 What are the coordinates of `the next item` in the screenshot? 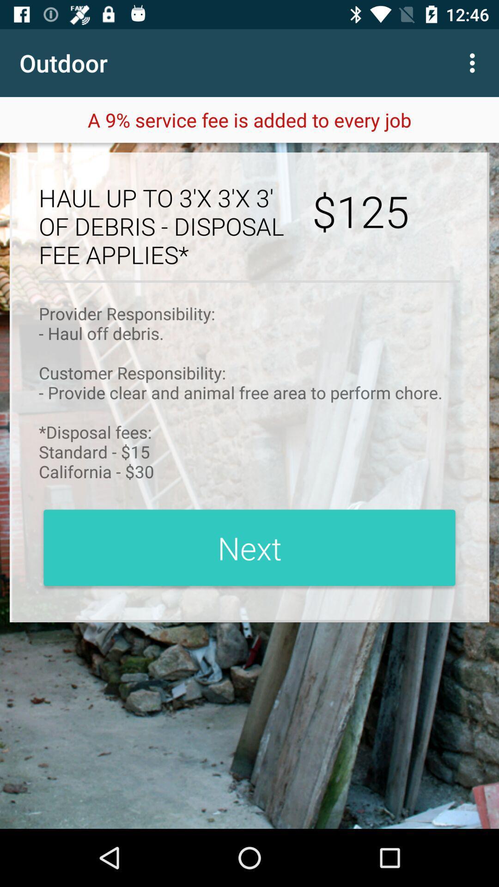 It's located at (249, 547).